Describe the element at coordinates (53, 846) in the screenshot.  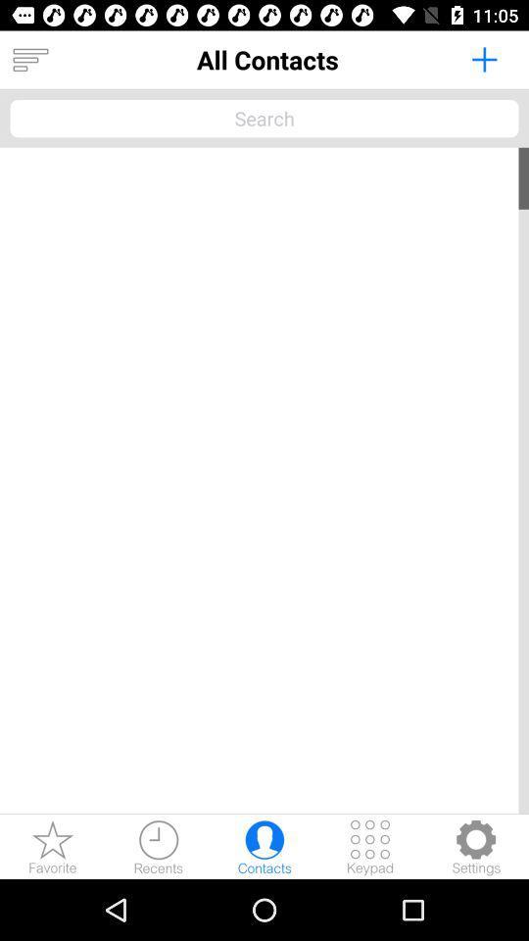
I see `the star icon` at that location.